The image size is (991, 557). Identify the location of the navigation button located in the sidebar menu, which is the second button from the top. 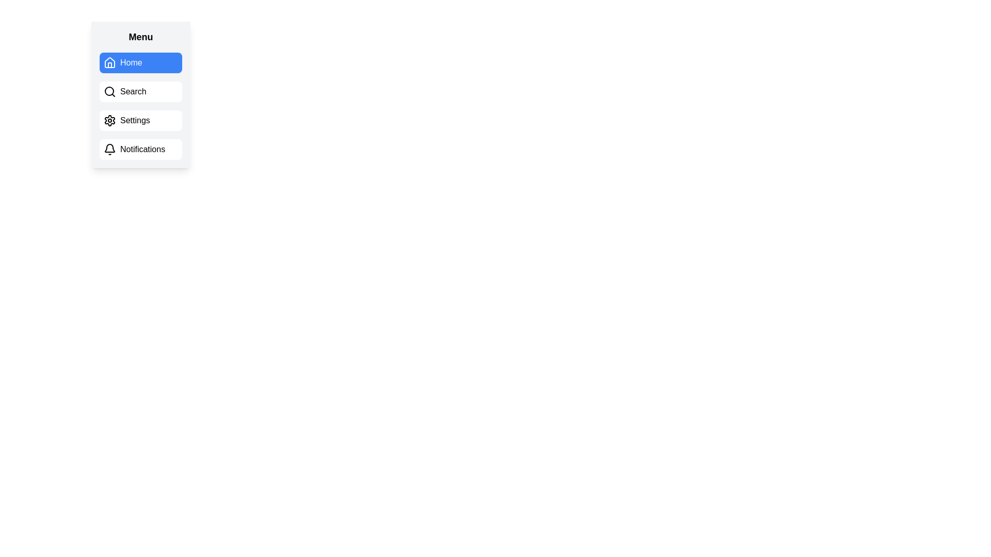
(140, 91).